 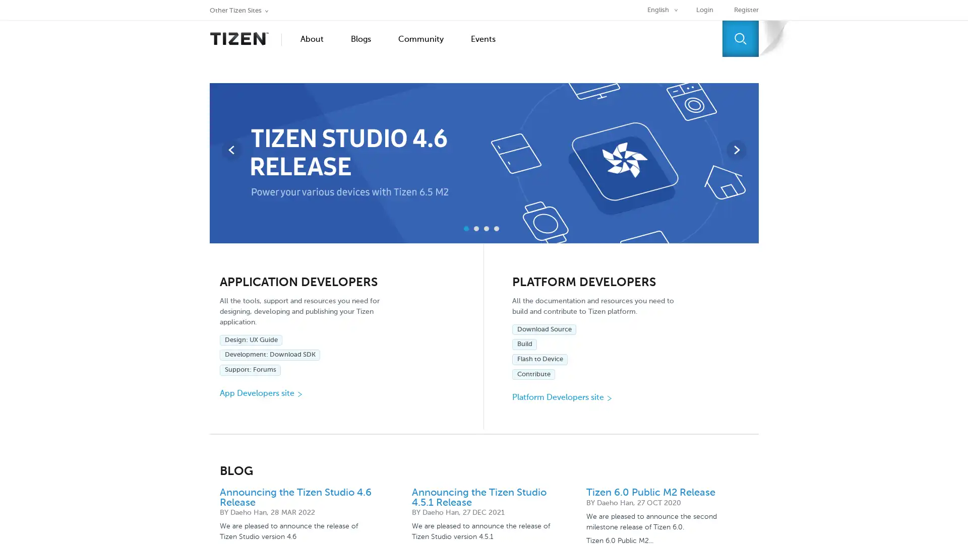 I want to click on NEXT, so click(x=736, y=150).